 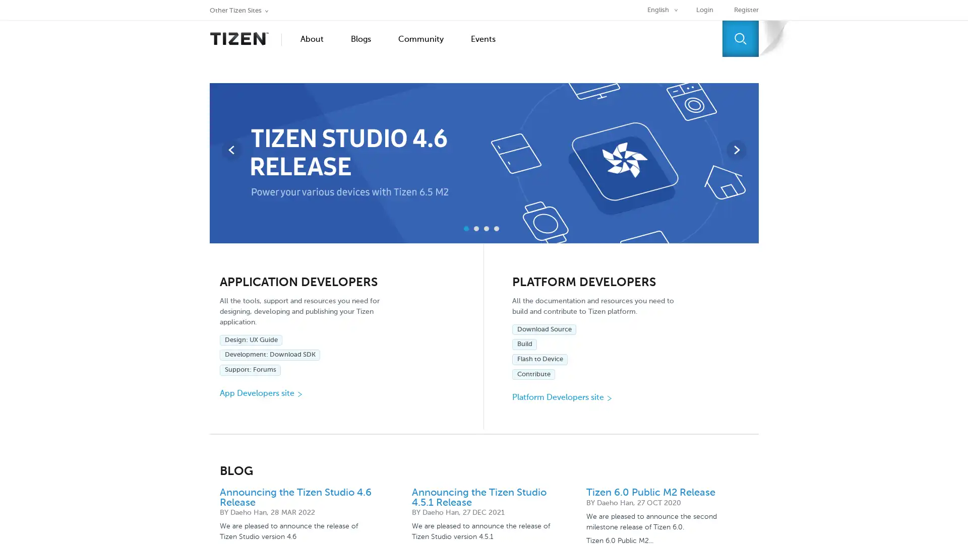 I want to click on NEXT, so click(x=736, y=150).